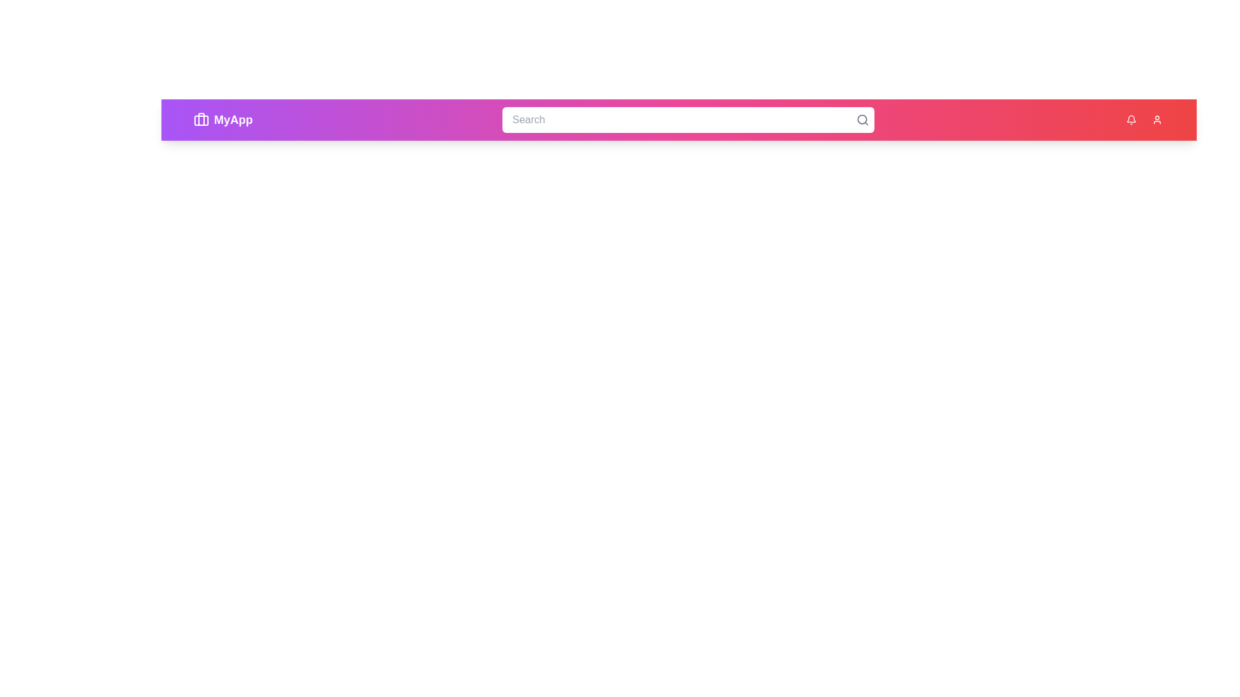  I want to click on the search icon to execute the search, so click(862, 119).